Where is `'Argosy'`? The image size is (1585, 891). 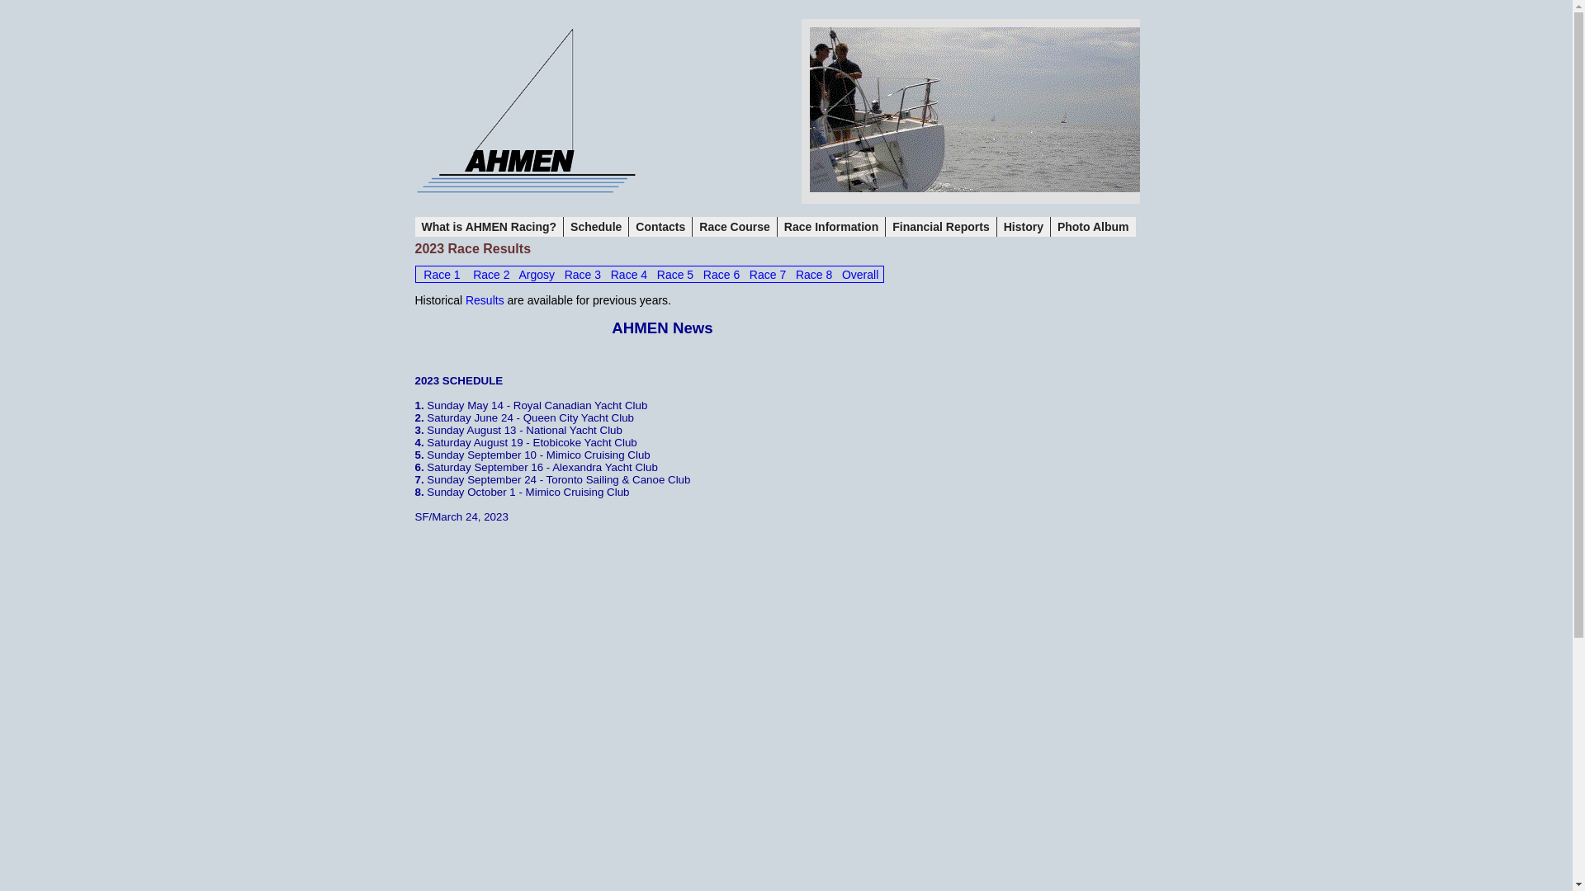 'Argosy' is located at coordinates (536, 273).